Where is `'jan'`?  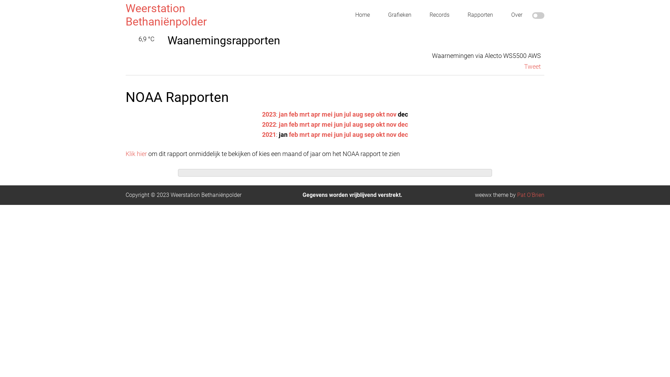 'jan' is located at coordinates (283, 114).